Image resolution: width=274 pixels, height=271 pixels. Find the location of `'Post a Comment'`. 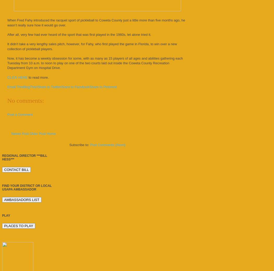

'Post a Comment' is located at coordinates (20, 114).